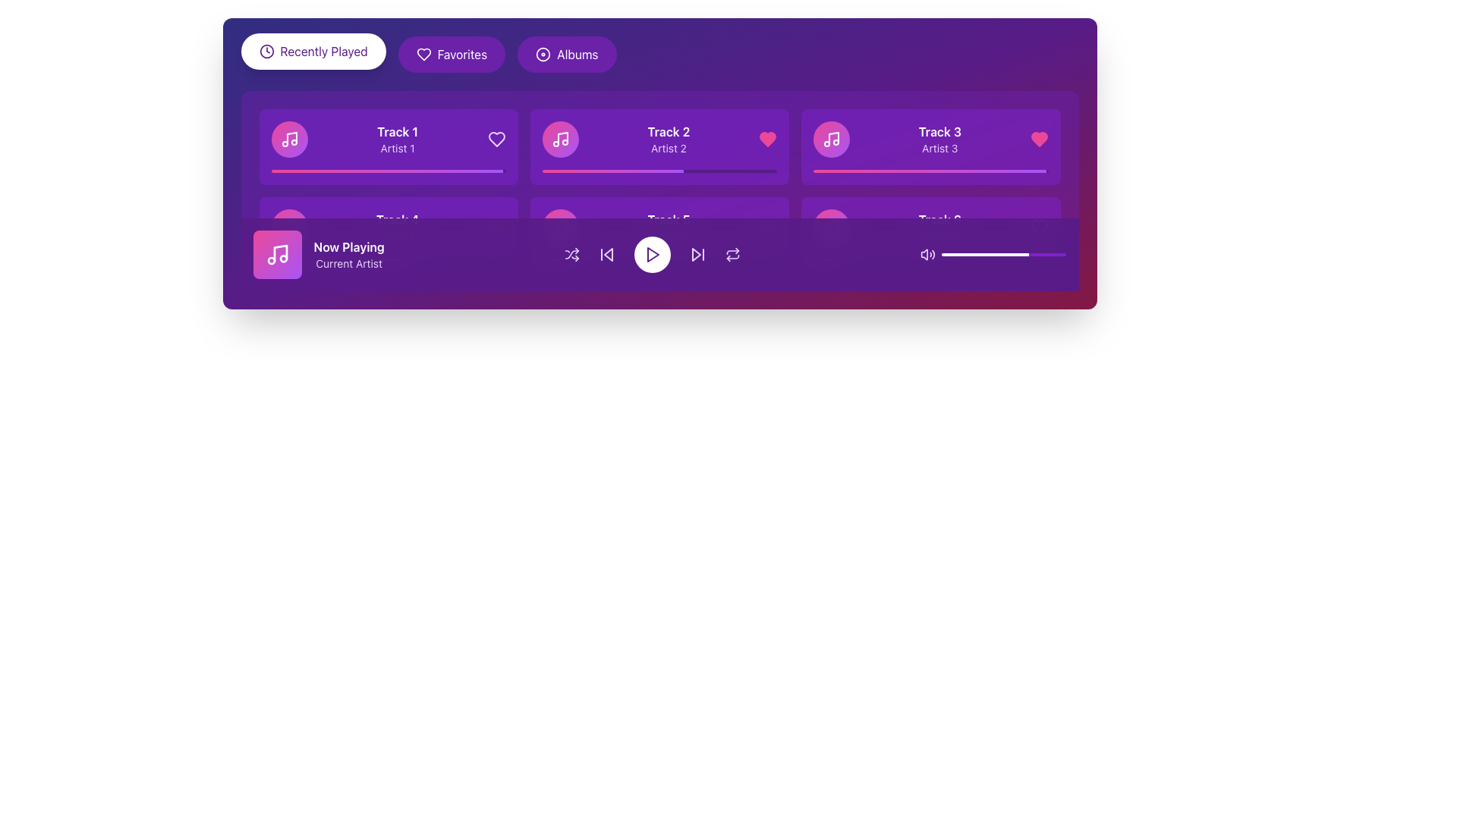  Describe the element at coordinates (451, 54) in the screenshot. I see `the rounded purple 'Favorites' button with white text and a heart icon` at that location.